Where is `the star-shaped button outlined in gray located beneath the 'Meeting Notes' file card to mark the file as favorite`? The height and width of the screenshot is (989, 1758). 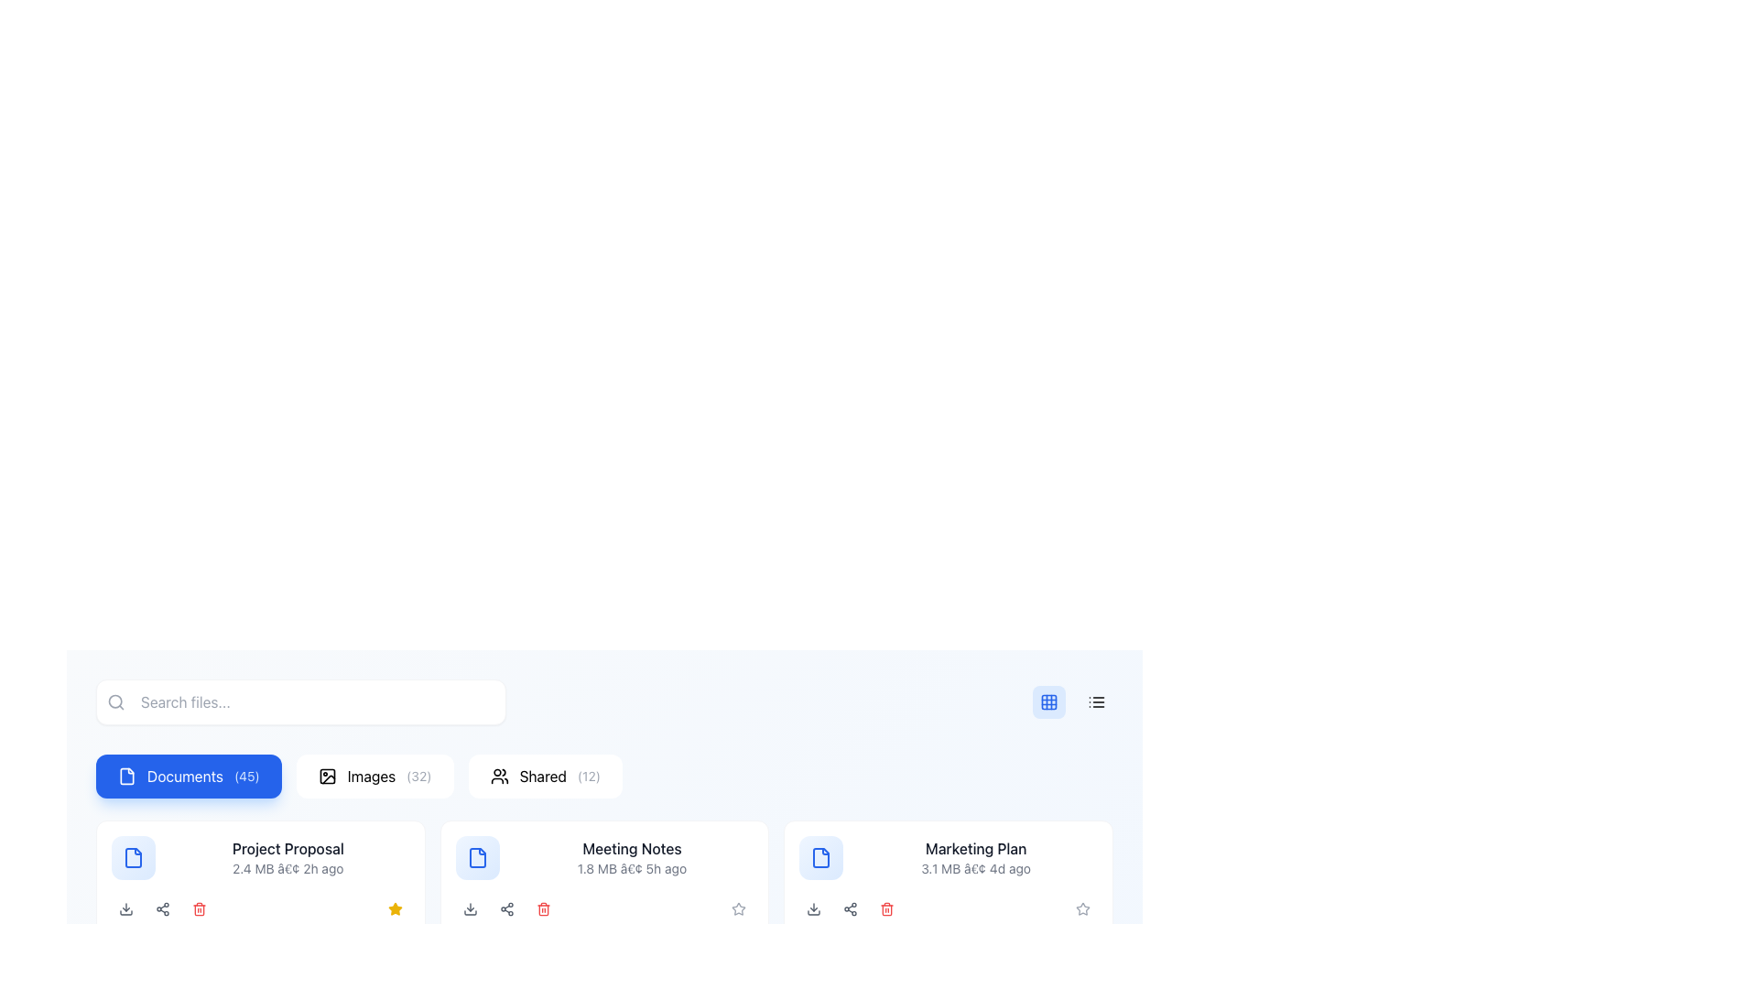 the star-shaped button outlined in gray located beneath the 'Meeting Notes' file card to mark the file as favorite is located at coordinates (739, 908).